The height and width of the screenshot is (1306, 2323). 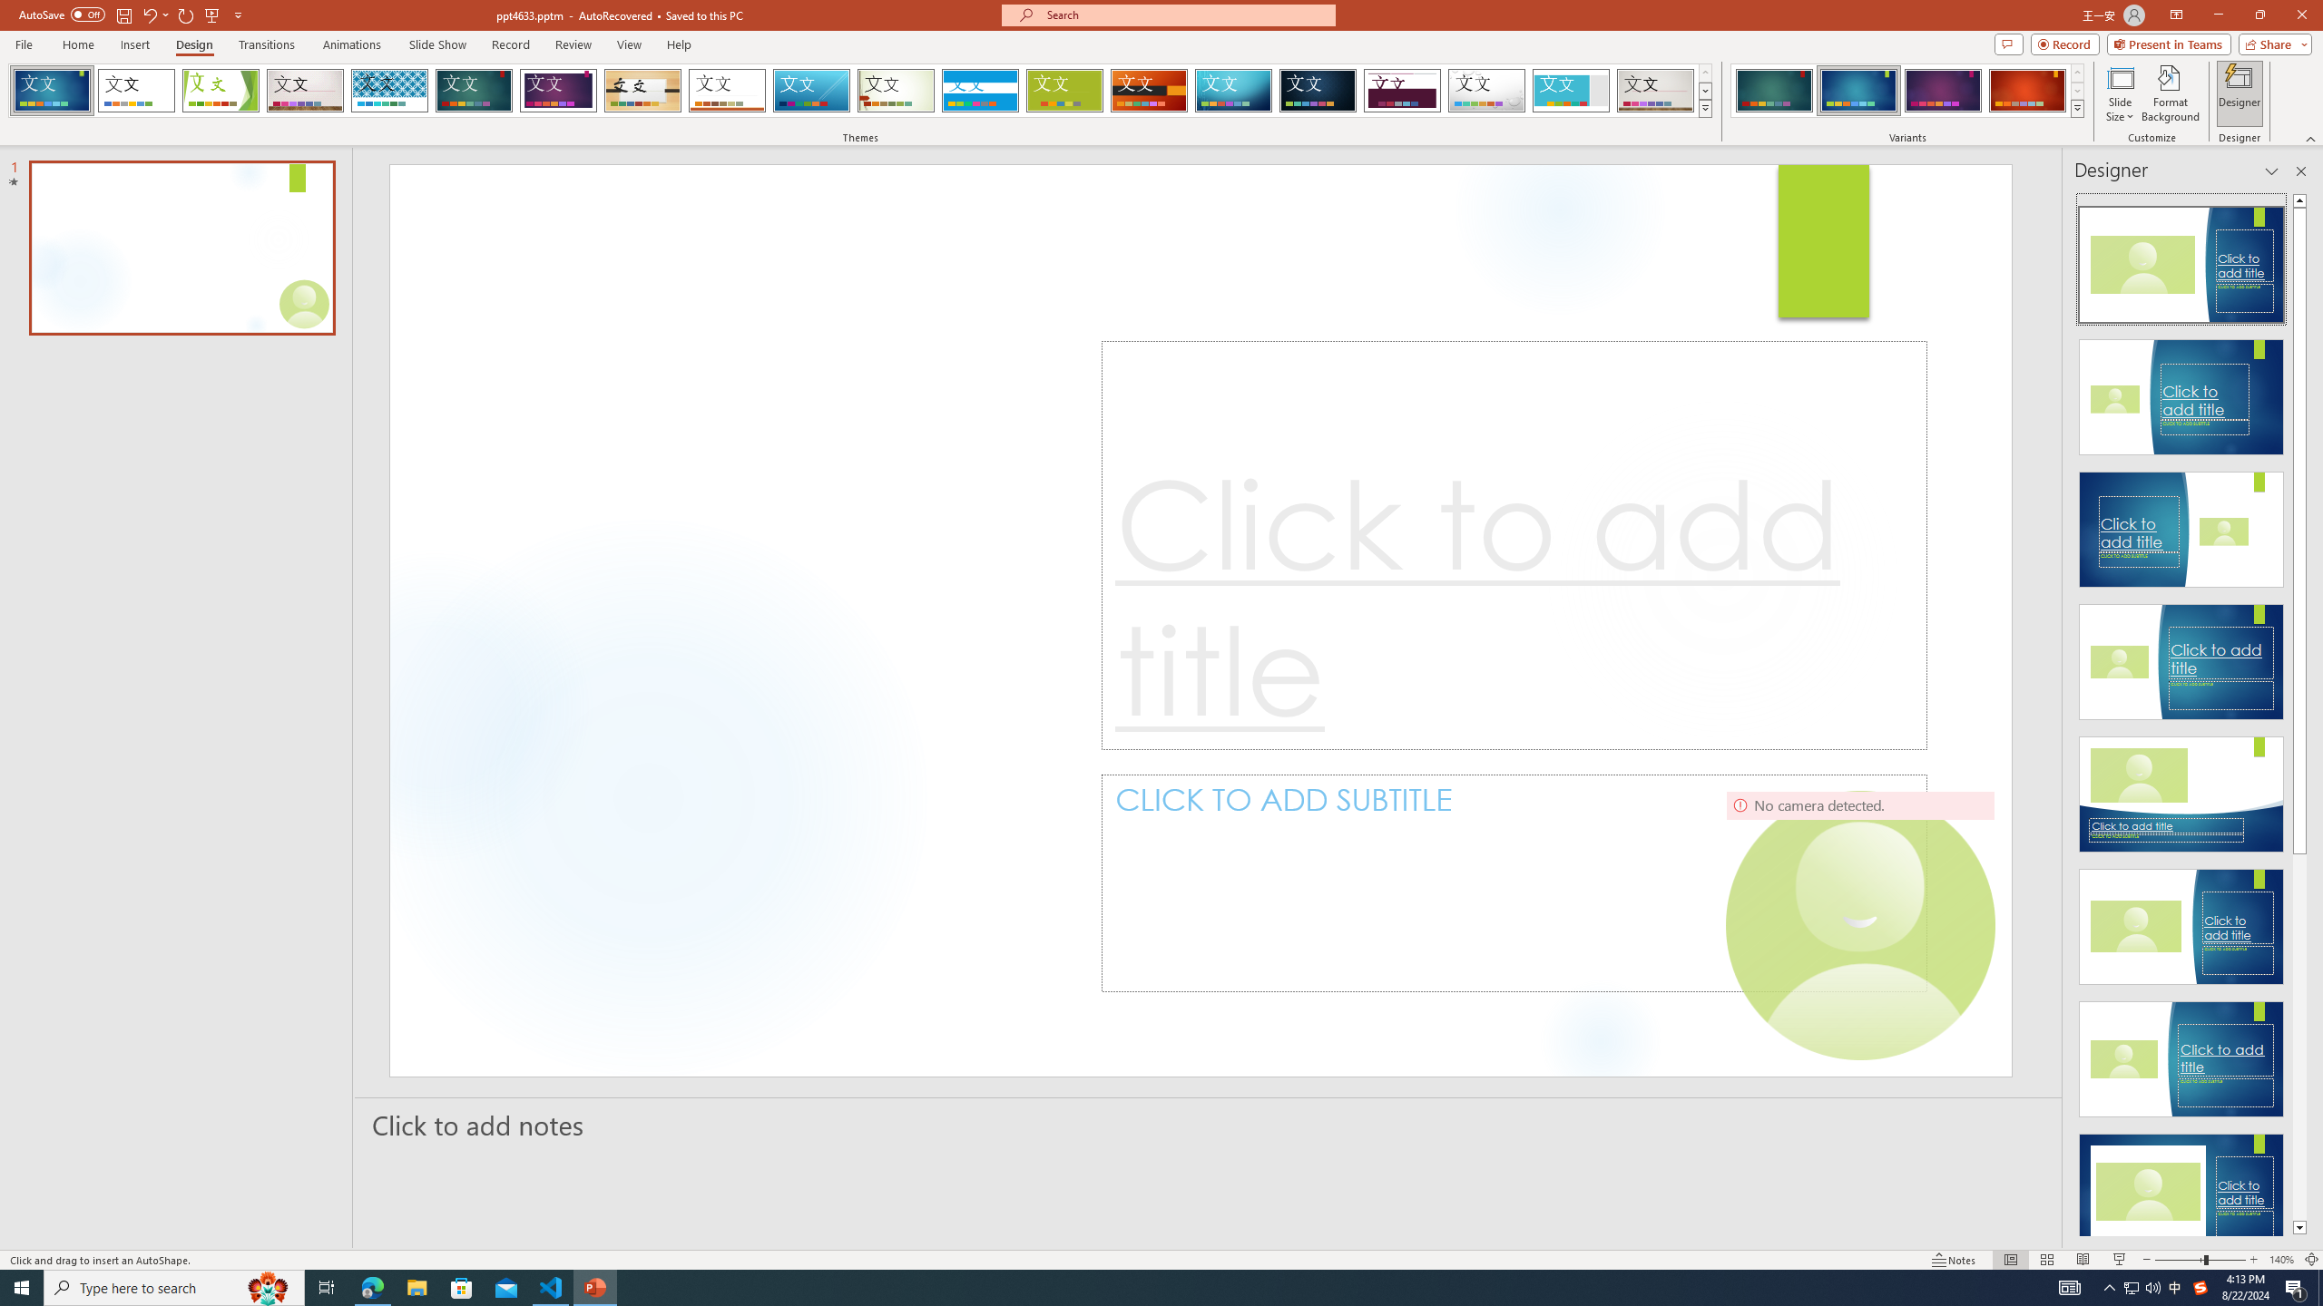 I want to click on 'Damask Loading Preview...', so click(x=1317, y=90).